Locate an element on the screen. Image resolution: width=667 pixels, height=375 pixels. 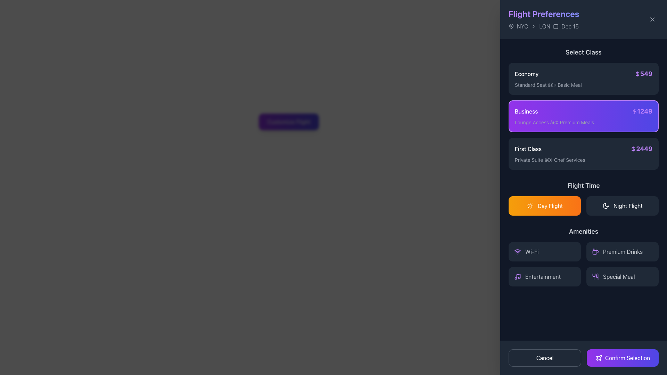
the 'First Class' booking option button, which is the third selectable card in the class selection section is located at coordinates (584, 153).